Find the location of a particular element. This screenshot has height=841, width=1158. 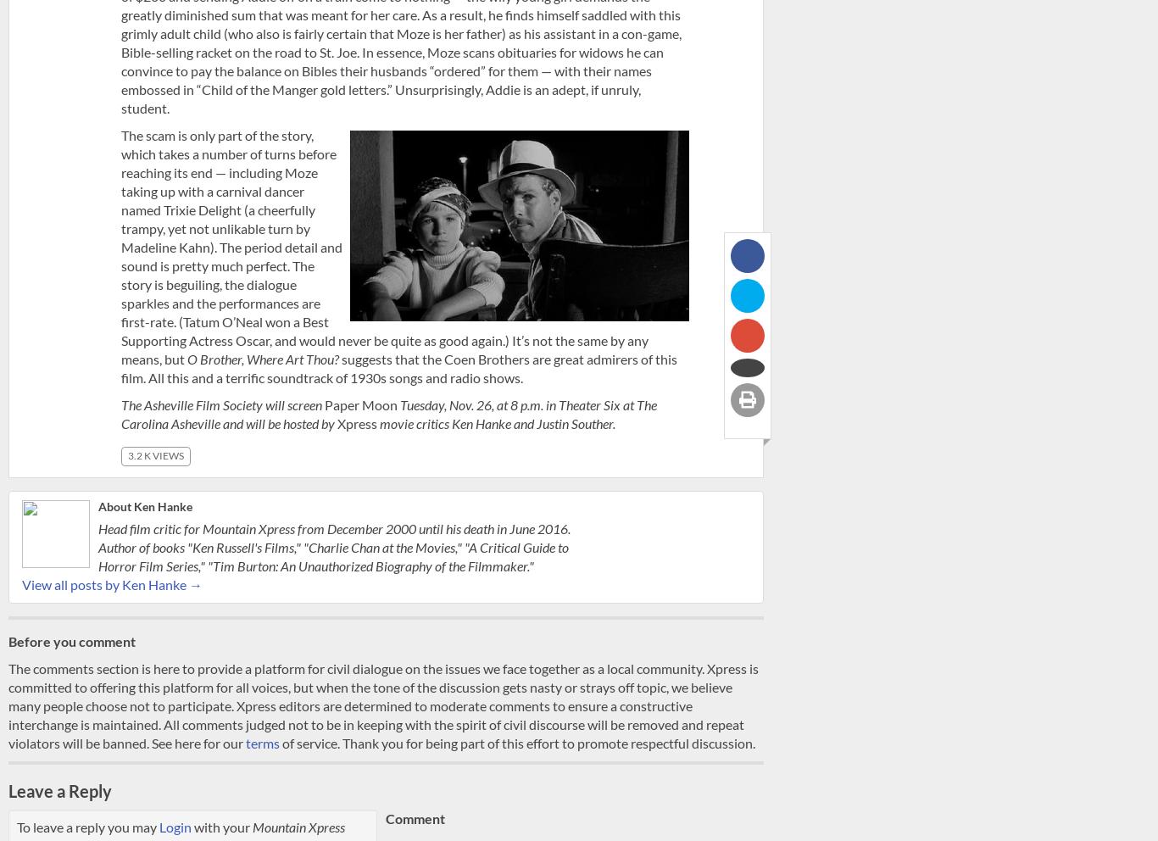

'of service. Thank you for being part of this effort to promote respectful discussion.' is located at coordinates (280, 742).